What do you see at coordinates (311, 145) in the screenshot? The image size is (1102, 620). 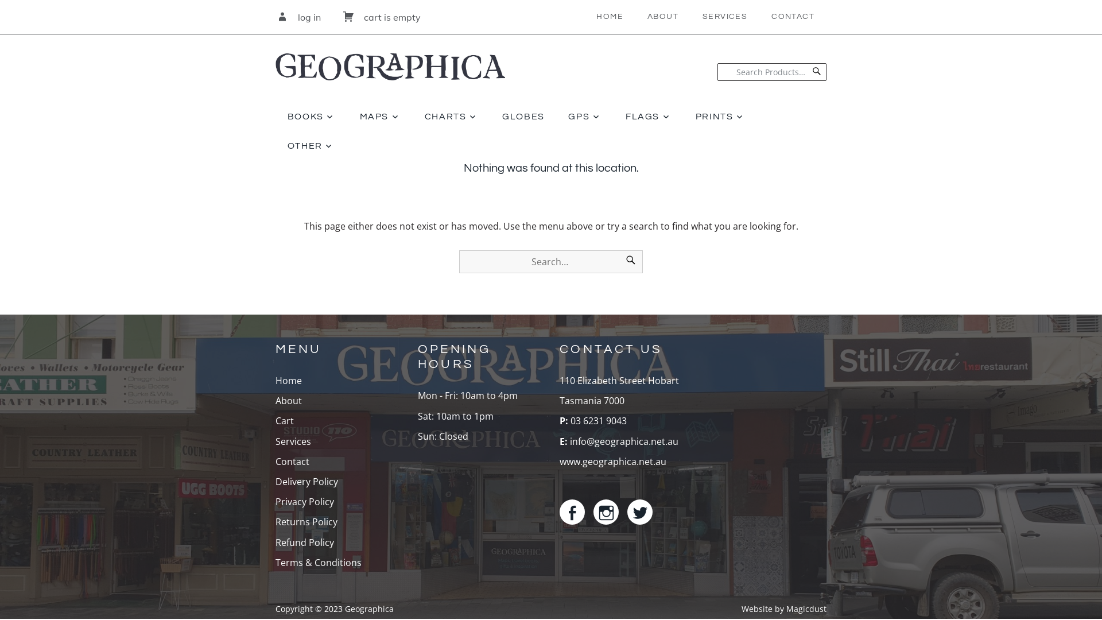 I see `'OTHER'` at bounding box center [311, 145].